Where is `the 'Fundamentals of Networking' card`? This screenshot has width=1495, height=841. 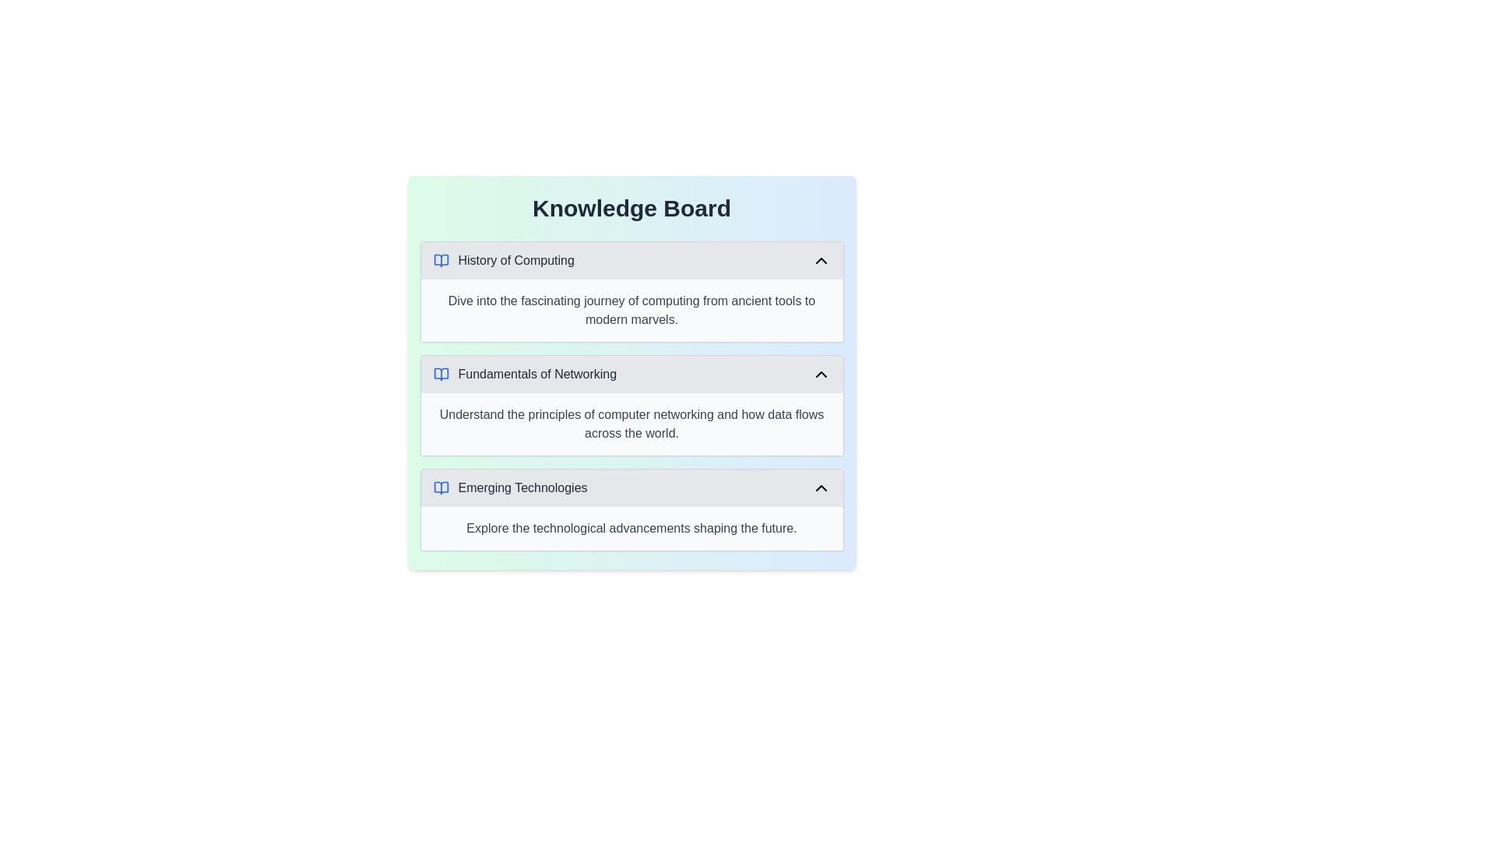
the 'Fundamentals of Networking' card is located at coordinates (631, 404).